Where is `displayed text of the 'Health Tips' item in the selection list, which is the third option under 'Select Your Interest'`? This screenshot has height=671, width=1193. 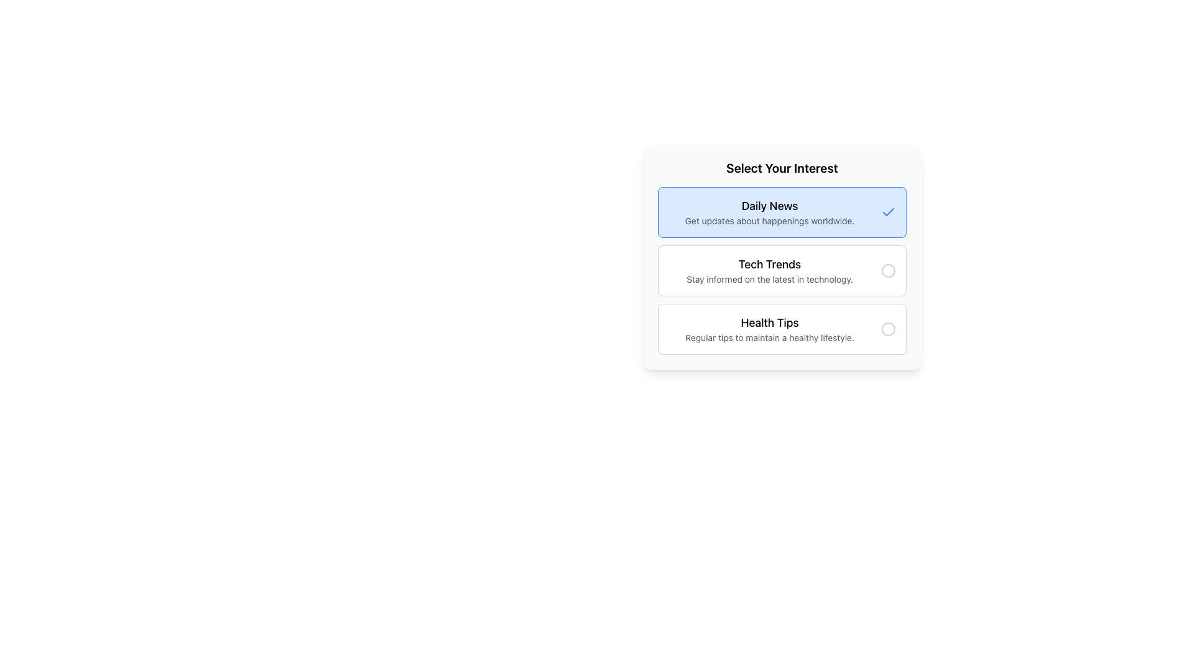
displayed text of the 'Health Tips' item in the selection list, which is the third option under 'Select Your Interest' is located at coordinates (769, 328).